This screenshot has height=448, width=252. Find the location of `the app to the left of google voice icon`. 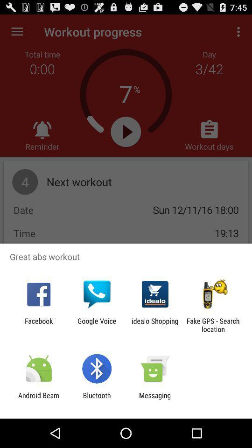

the app to the left of google voice icon is located at coordinates (38, 325).